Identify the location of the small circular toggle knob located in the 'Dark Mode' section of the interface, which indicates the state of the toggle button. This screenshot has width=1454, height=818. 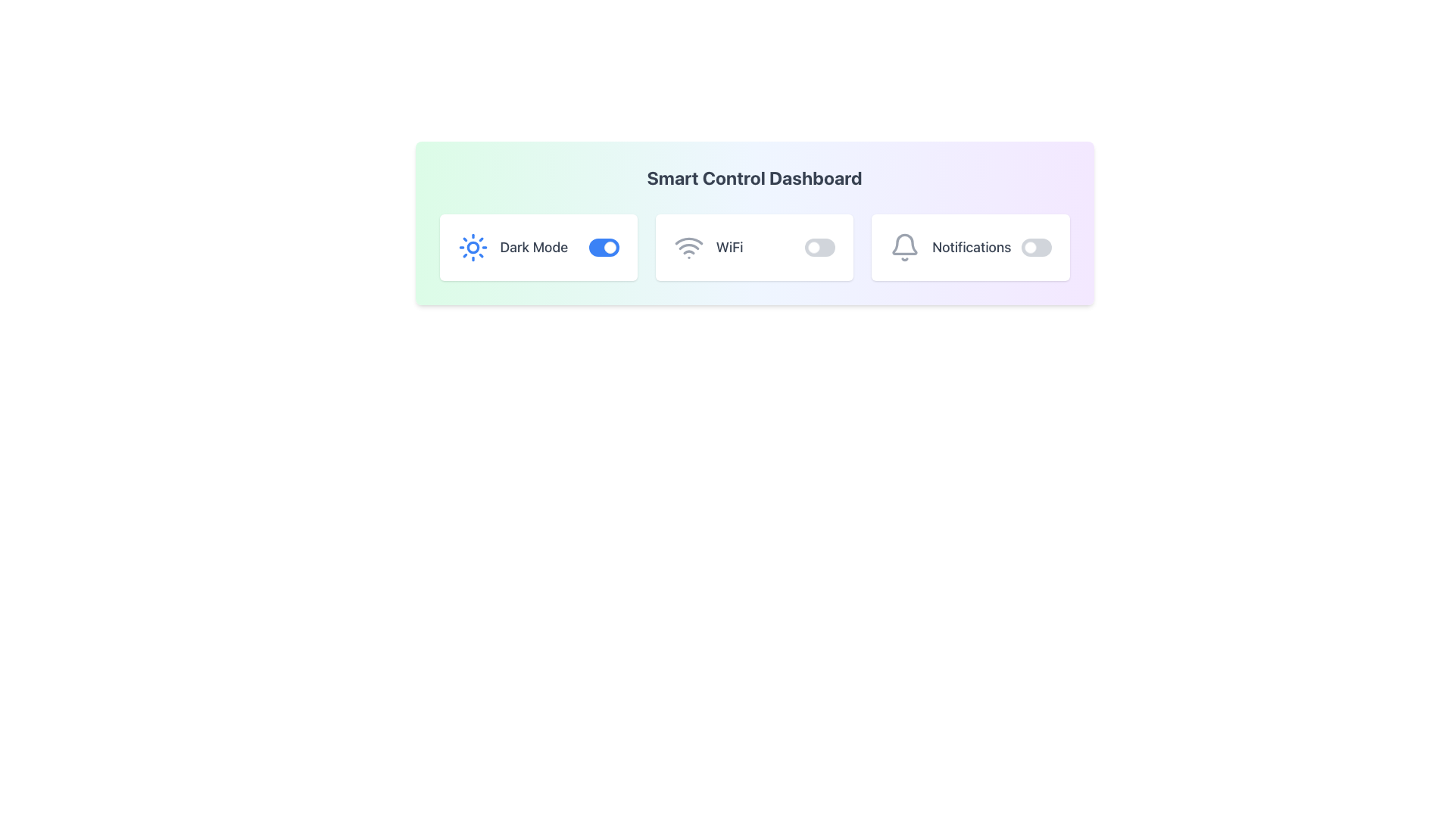
(610, 247).